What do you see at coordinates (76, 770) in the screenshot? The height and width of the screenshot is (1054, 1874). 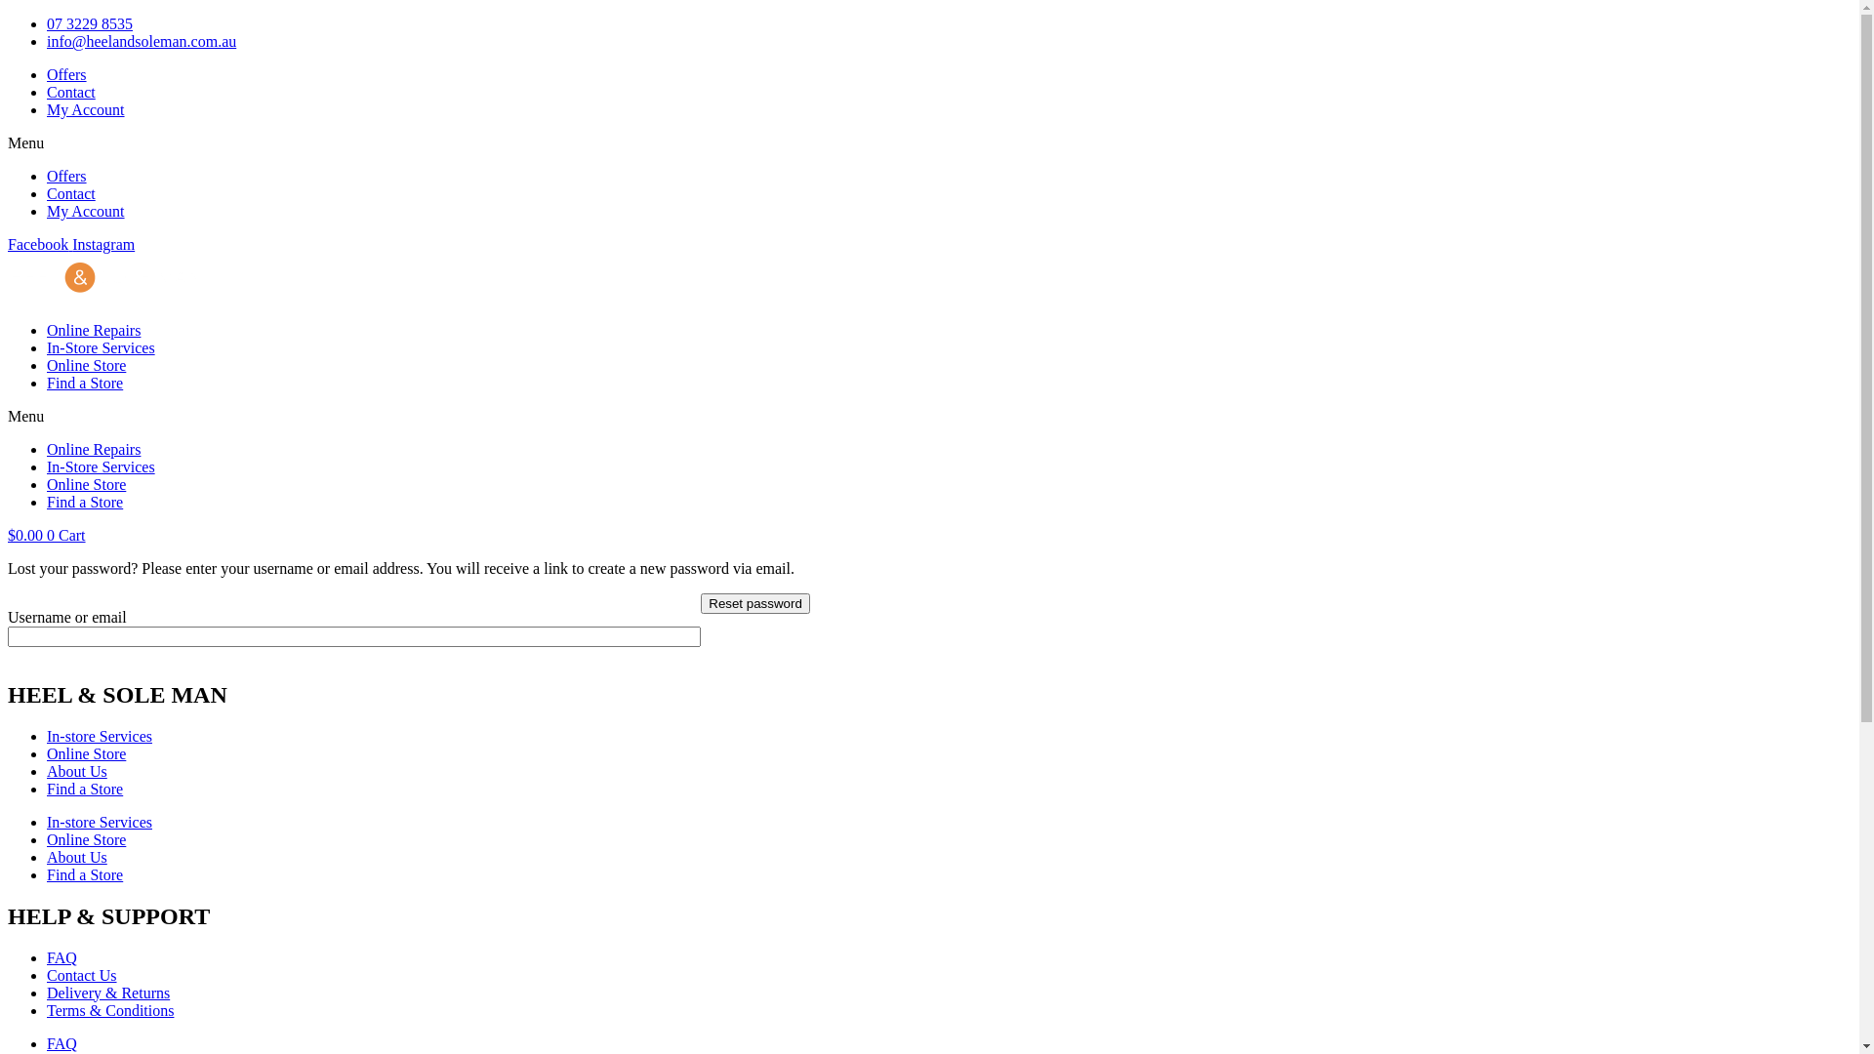 I see `'About Us'` at bounding box center [76, 770].